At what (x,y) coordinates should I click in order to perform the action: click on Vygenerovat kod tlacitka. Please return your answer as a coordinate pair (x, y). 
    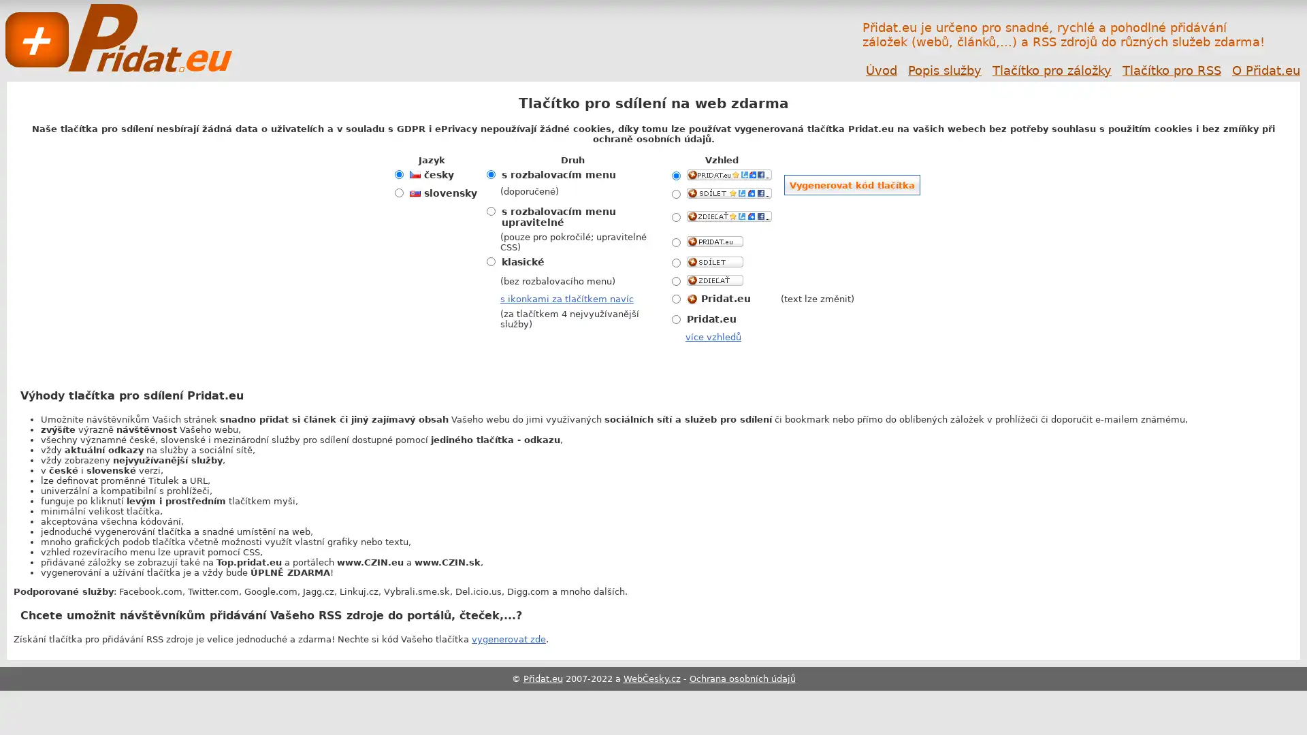
    Looking at the image, I should click on (852, 185).